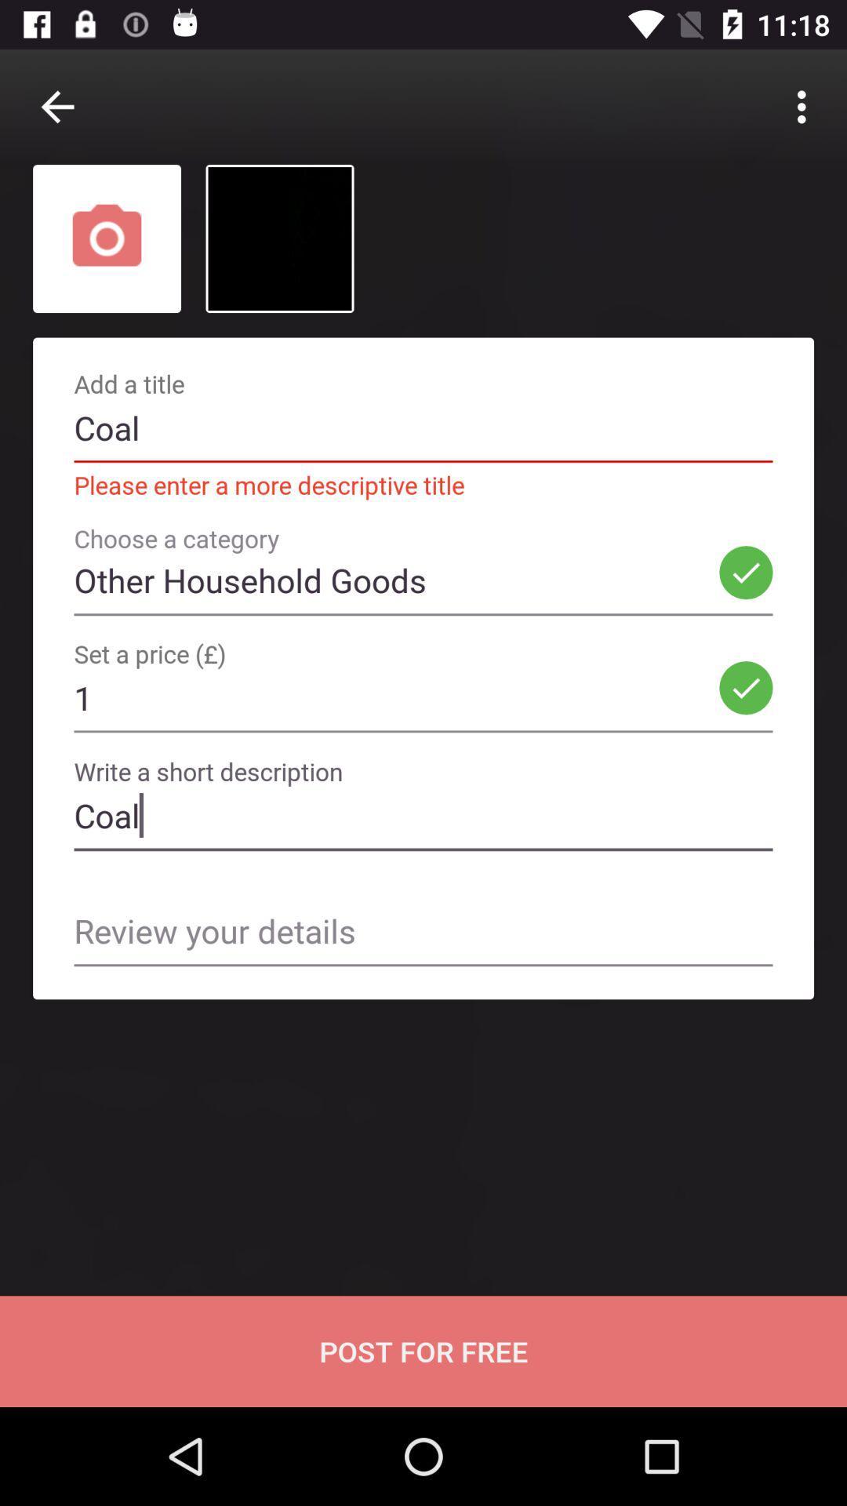 The image size is (847, 1506). I want to click on the option beside the 1 in the set a price text field, so click(745, 688).